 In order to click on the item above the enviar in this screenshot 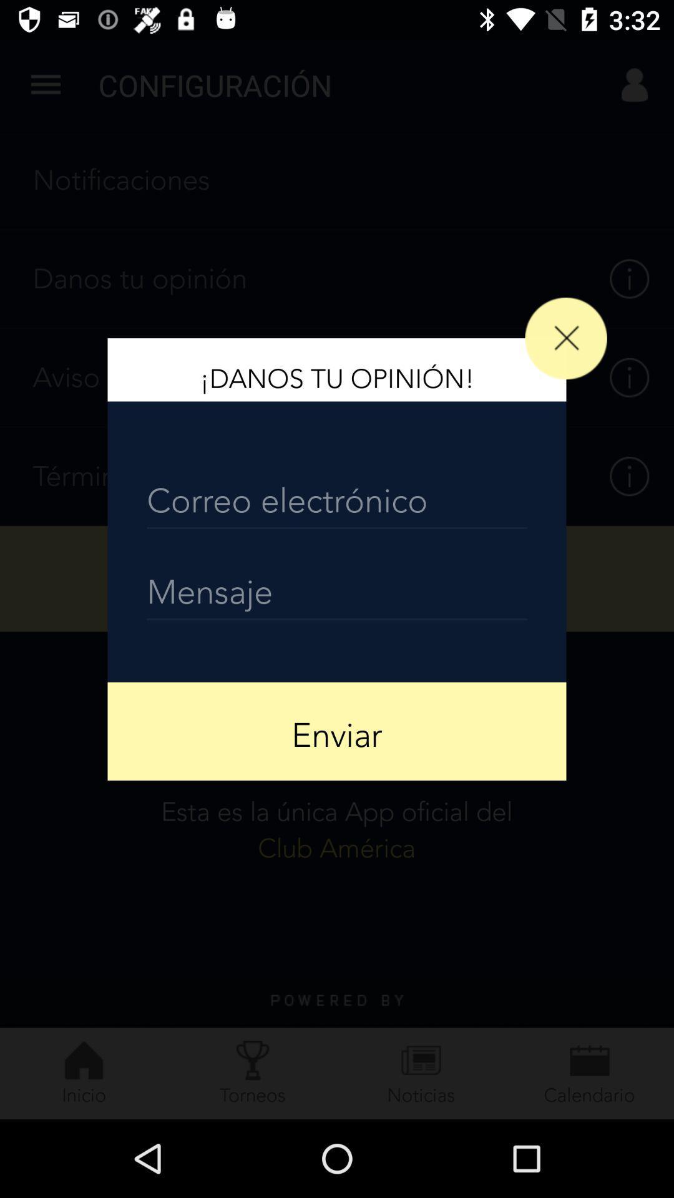, I will do `click(337, 595)`.